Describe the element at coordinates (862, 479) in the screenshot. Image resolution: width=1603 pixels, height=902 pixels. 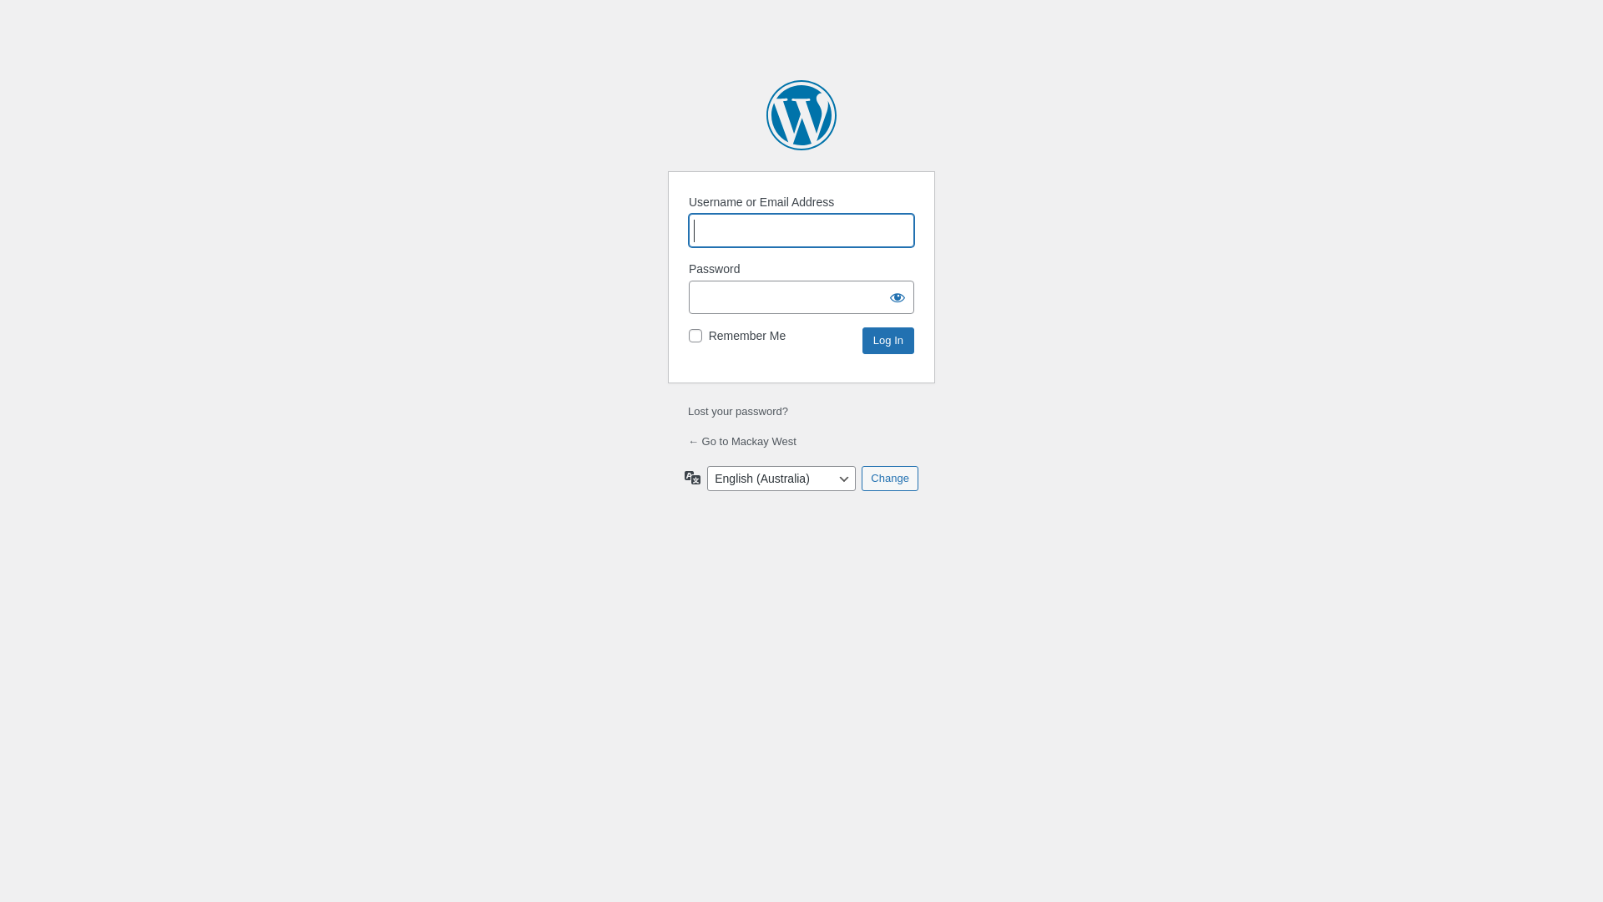
I see `'Change'` at that location.